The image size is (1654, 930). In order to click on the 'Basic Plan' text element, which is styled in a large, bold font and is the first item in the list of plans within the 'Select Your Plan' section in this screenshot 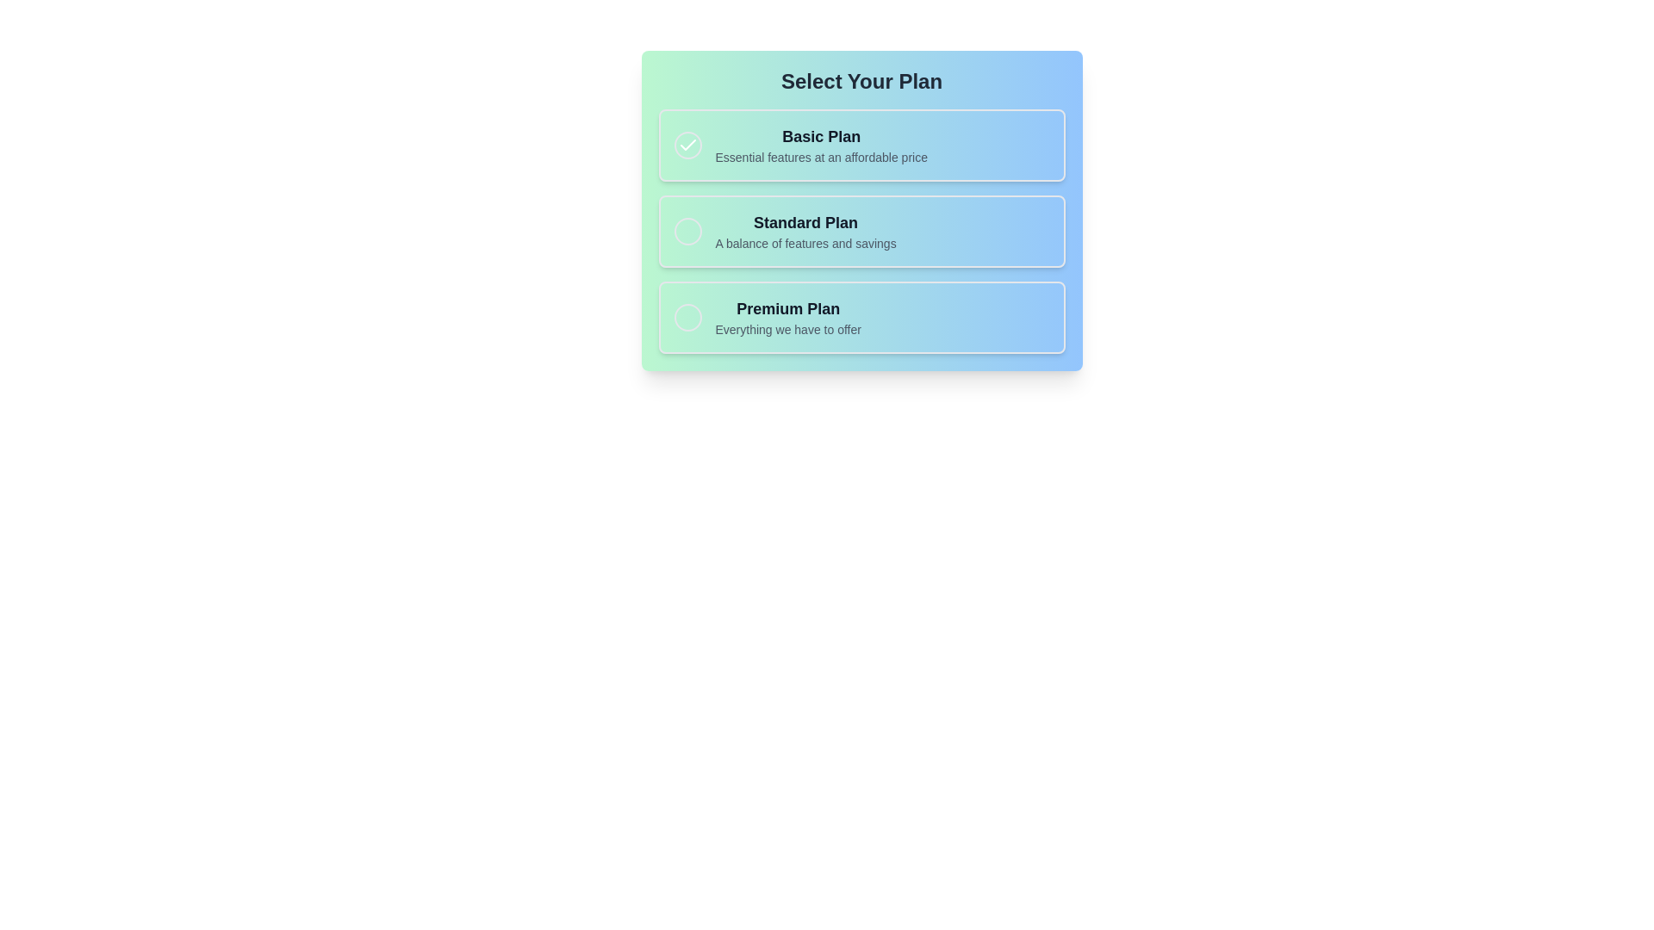, I will do `click(820, 135)`.